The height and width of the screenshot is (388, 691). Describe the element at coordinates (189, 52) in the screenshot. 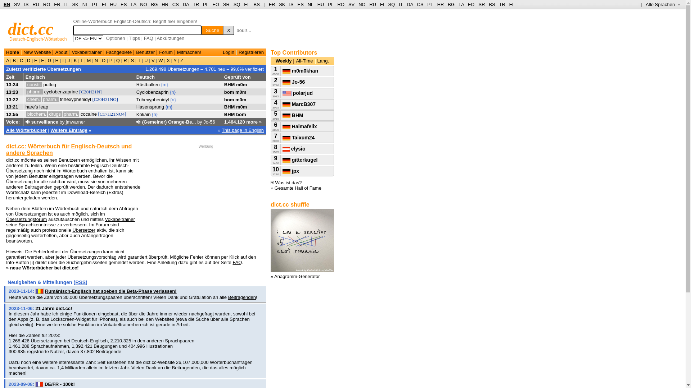

I see `'Mitmachen!'` at that location.